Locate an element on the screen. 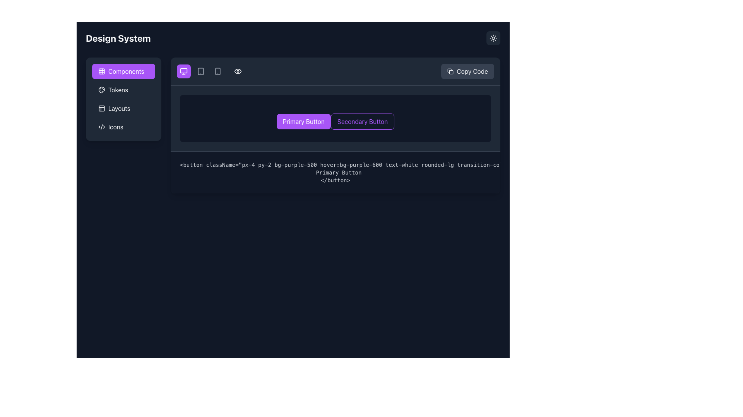  the 3x3 grid icon located to the left of the 'Components' button in the sidebar navigation menu is located at coordinates (101, 71).